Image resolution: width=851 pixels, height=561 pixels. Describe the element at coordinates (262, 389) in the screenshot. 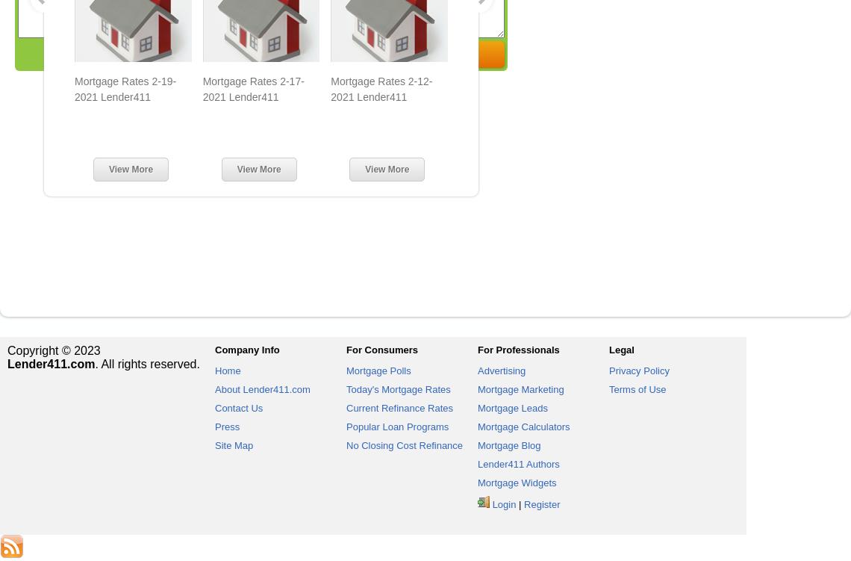

I see `'About Lender411.com'` at that location.